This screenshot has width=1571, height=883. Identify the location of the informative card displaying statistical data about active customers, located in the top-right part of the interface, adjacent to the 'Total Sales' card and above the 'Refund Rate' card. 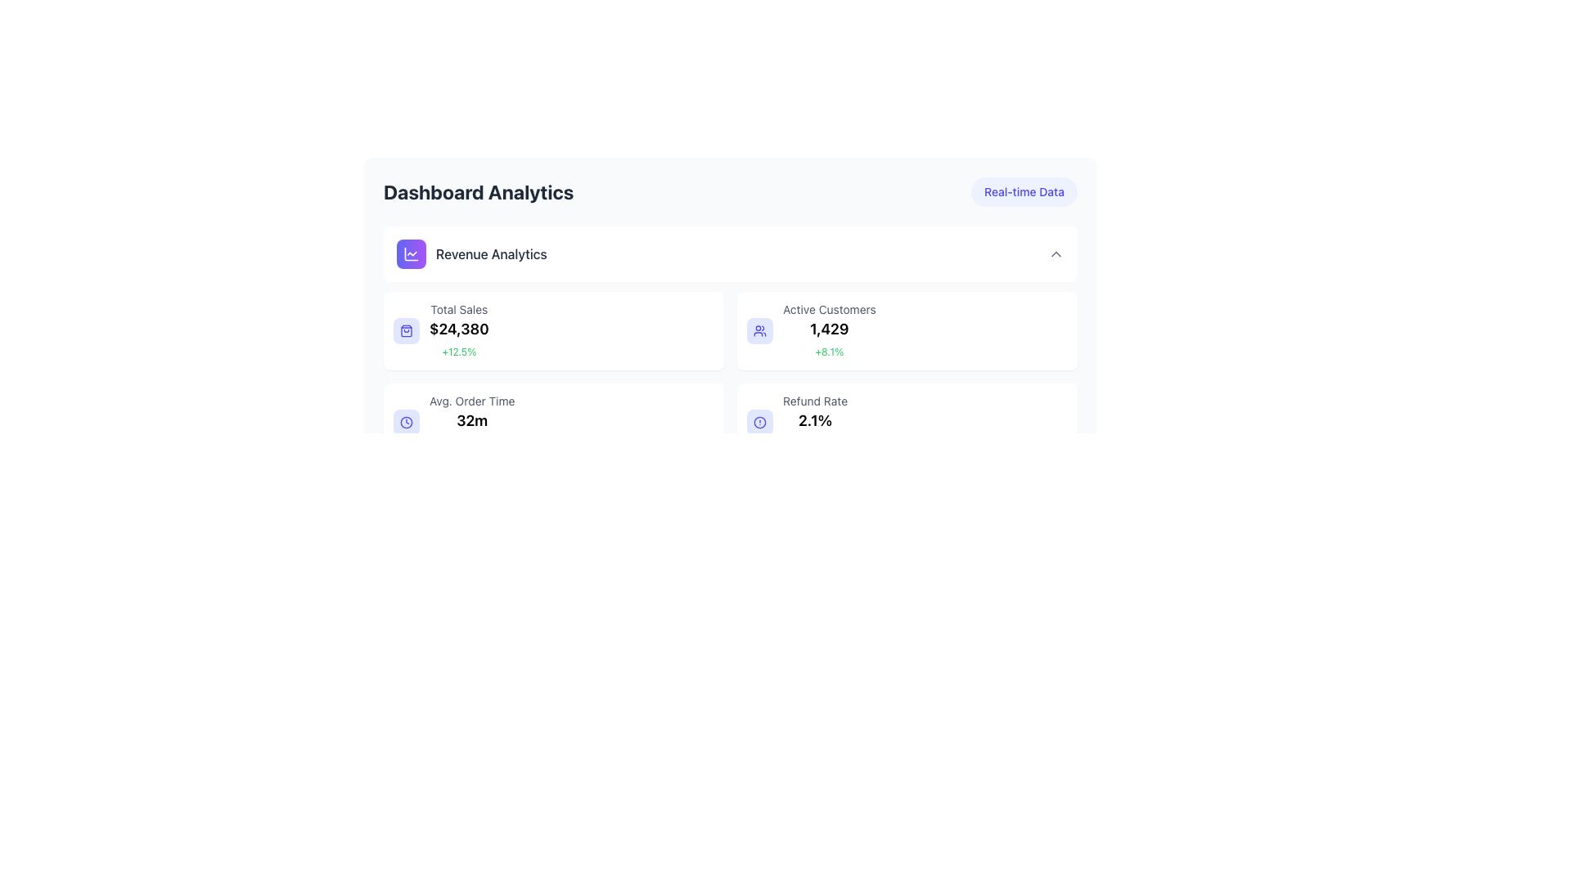
(906, 331).